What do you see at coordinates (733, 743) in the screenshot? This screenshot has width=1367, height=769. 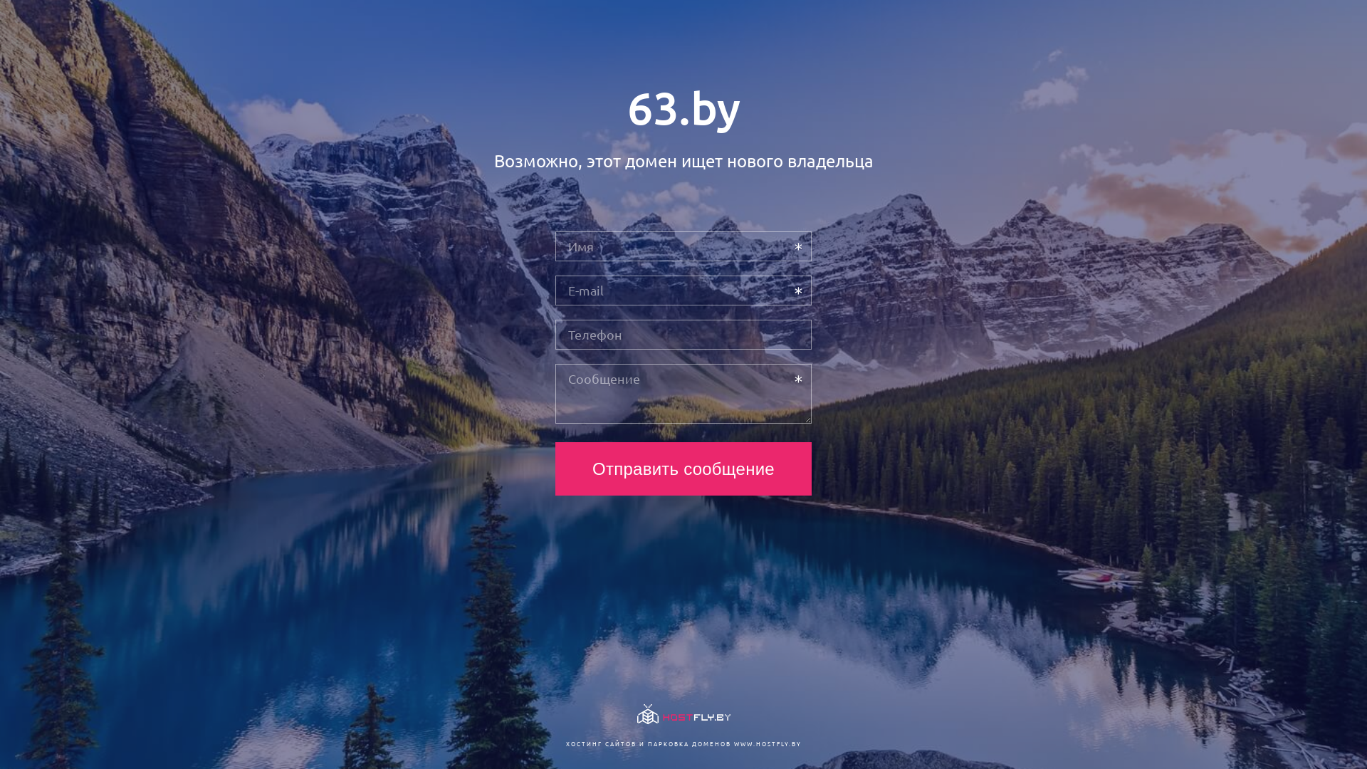 I see `'WWW.HOSTFLY.BY'` at bounding box center [733, 743].